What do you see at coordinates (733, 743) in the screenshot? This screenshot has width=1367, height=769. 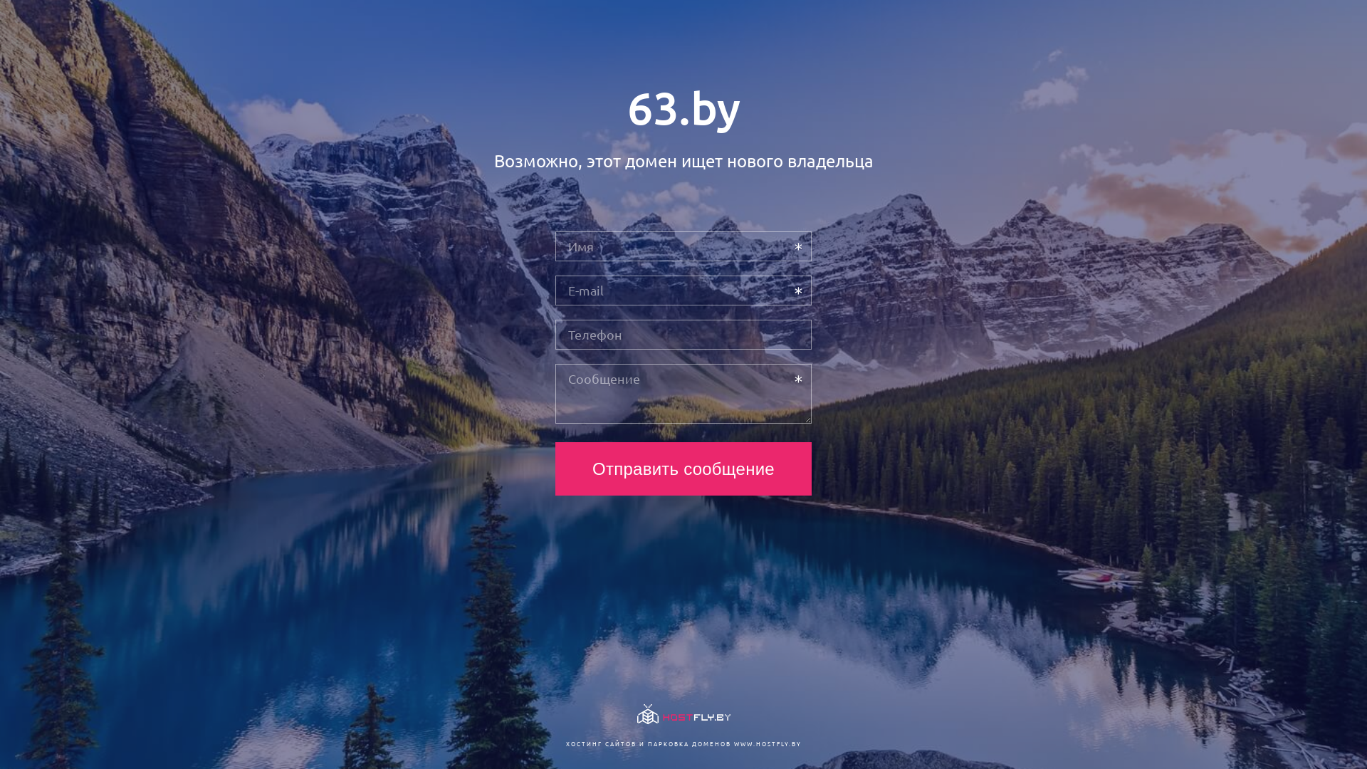 I see `'WWW.HOSTFLY.BY'` at bounding box center [733, 743].